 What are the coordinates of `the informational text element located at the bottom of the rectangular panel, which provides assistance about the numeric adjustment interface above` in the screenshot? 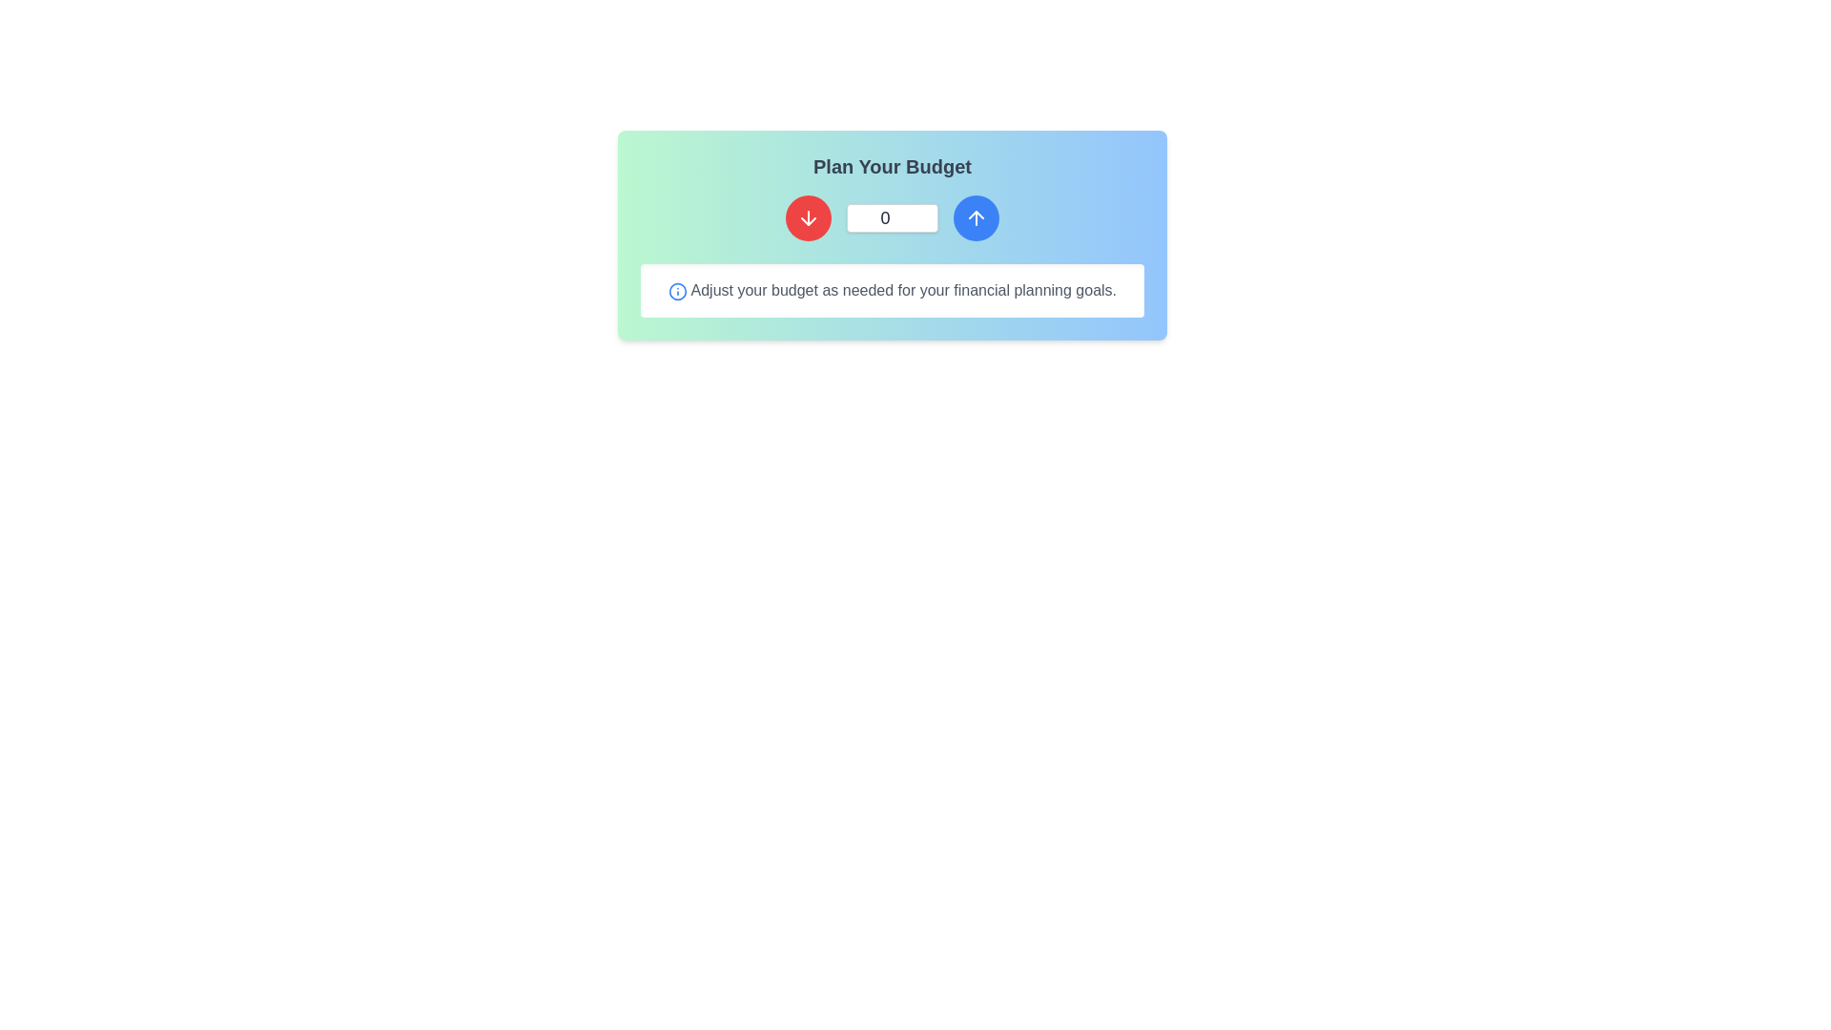 It's located at (892, 290).